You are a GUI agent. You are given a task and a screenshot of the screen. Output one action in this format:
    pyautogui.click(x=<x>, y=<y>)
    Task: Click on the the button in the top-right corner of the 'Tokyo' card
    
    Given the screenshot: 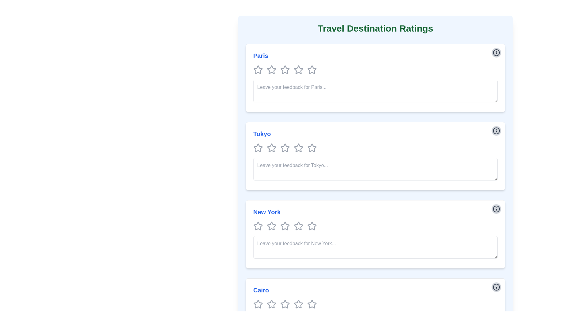 What is the action you would take?
    pyautogui.click(x=496, y=131)
    